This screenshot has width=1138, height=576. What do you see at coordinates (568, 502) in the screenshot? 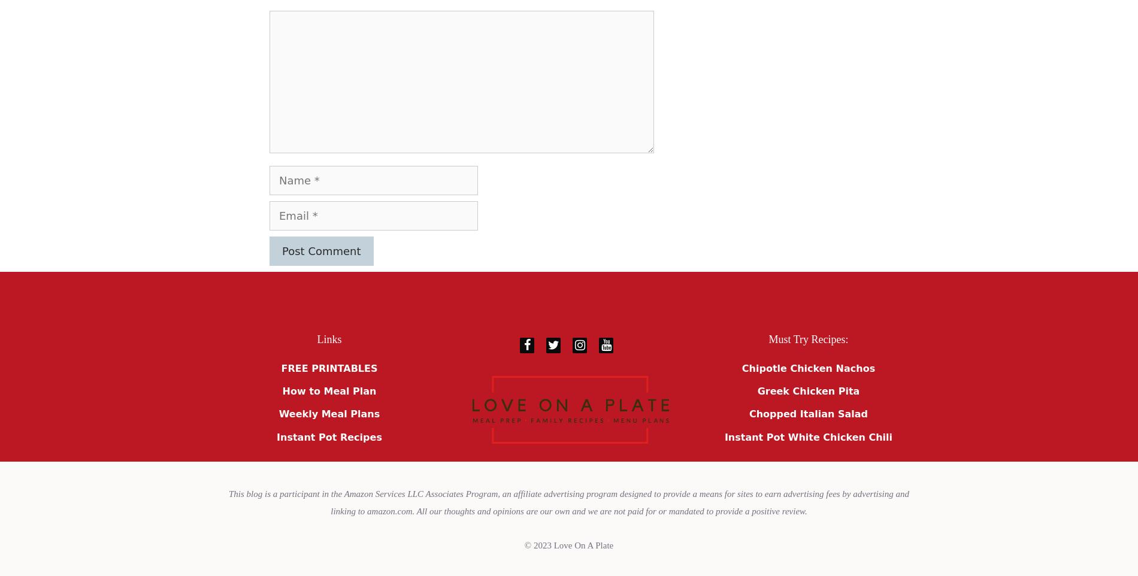
I see `'This blog is a participant in the Amazon Services LLC Associates Program, an affiliate advertising program designed to provide a means for sites to earn advertising fees by advertising and linking to amazon.com. All our thoughts and opinions are our own and we are not paid for or mandated to provide a positive review.'` at bounding box center [568, 502].